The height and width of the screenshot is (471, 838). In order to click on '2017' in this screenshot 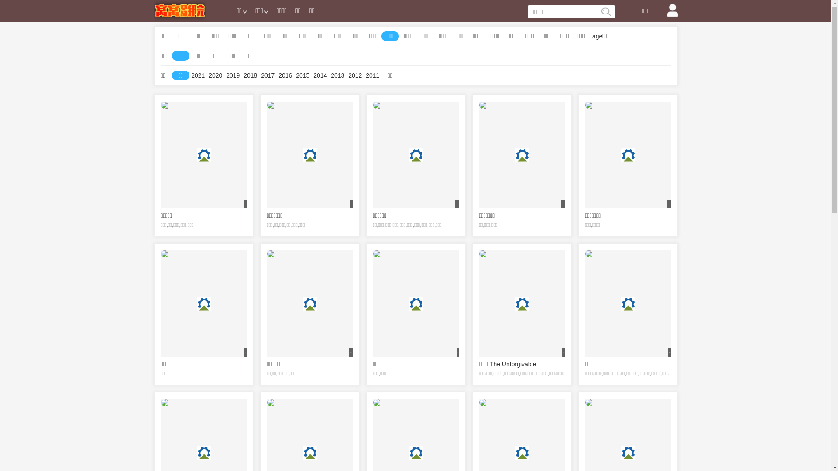, I will do `click(267, 75)`.